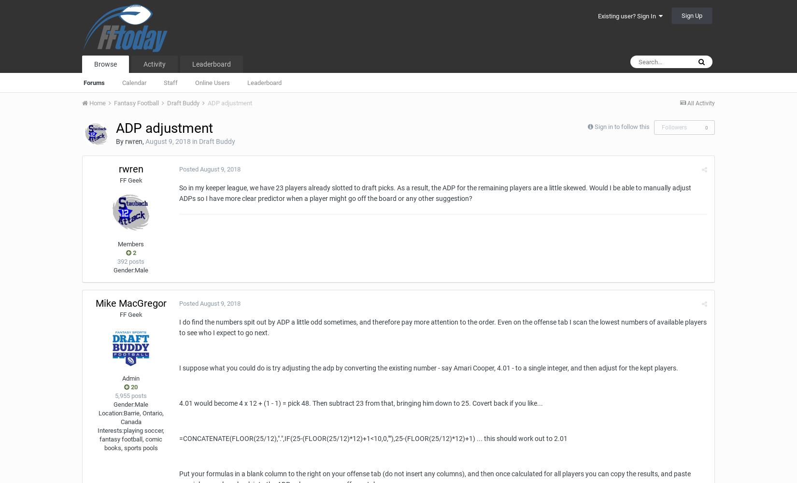  Describe the element at coordinates (133, 253) in the screenshot. I see `'2'` at that location.